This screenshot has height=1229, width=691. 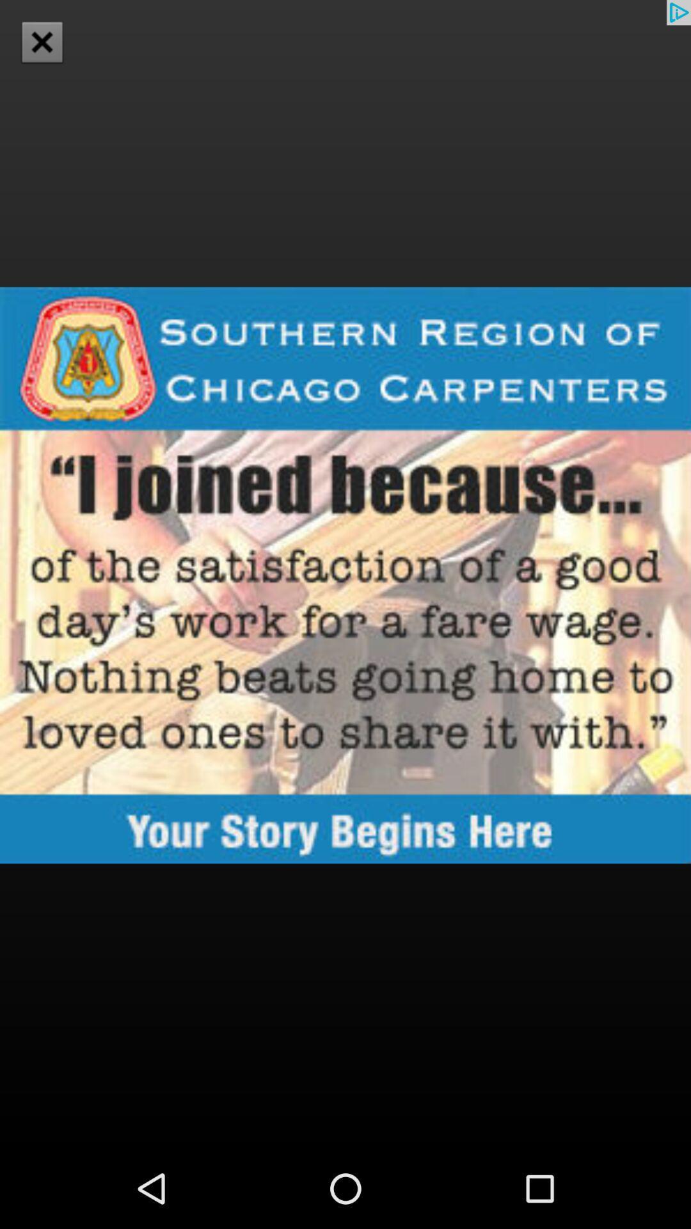 I want to click on the close icon, so click(x=41, y=45).